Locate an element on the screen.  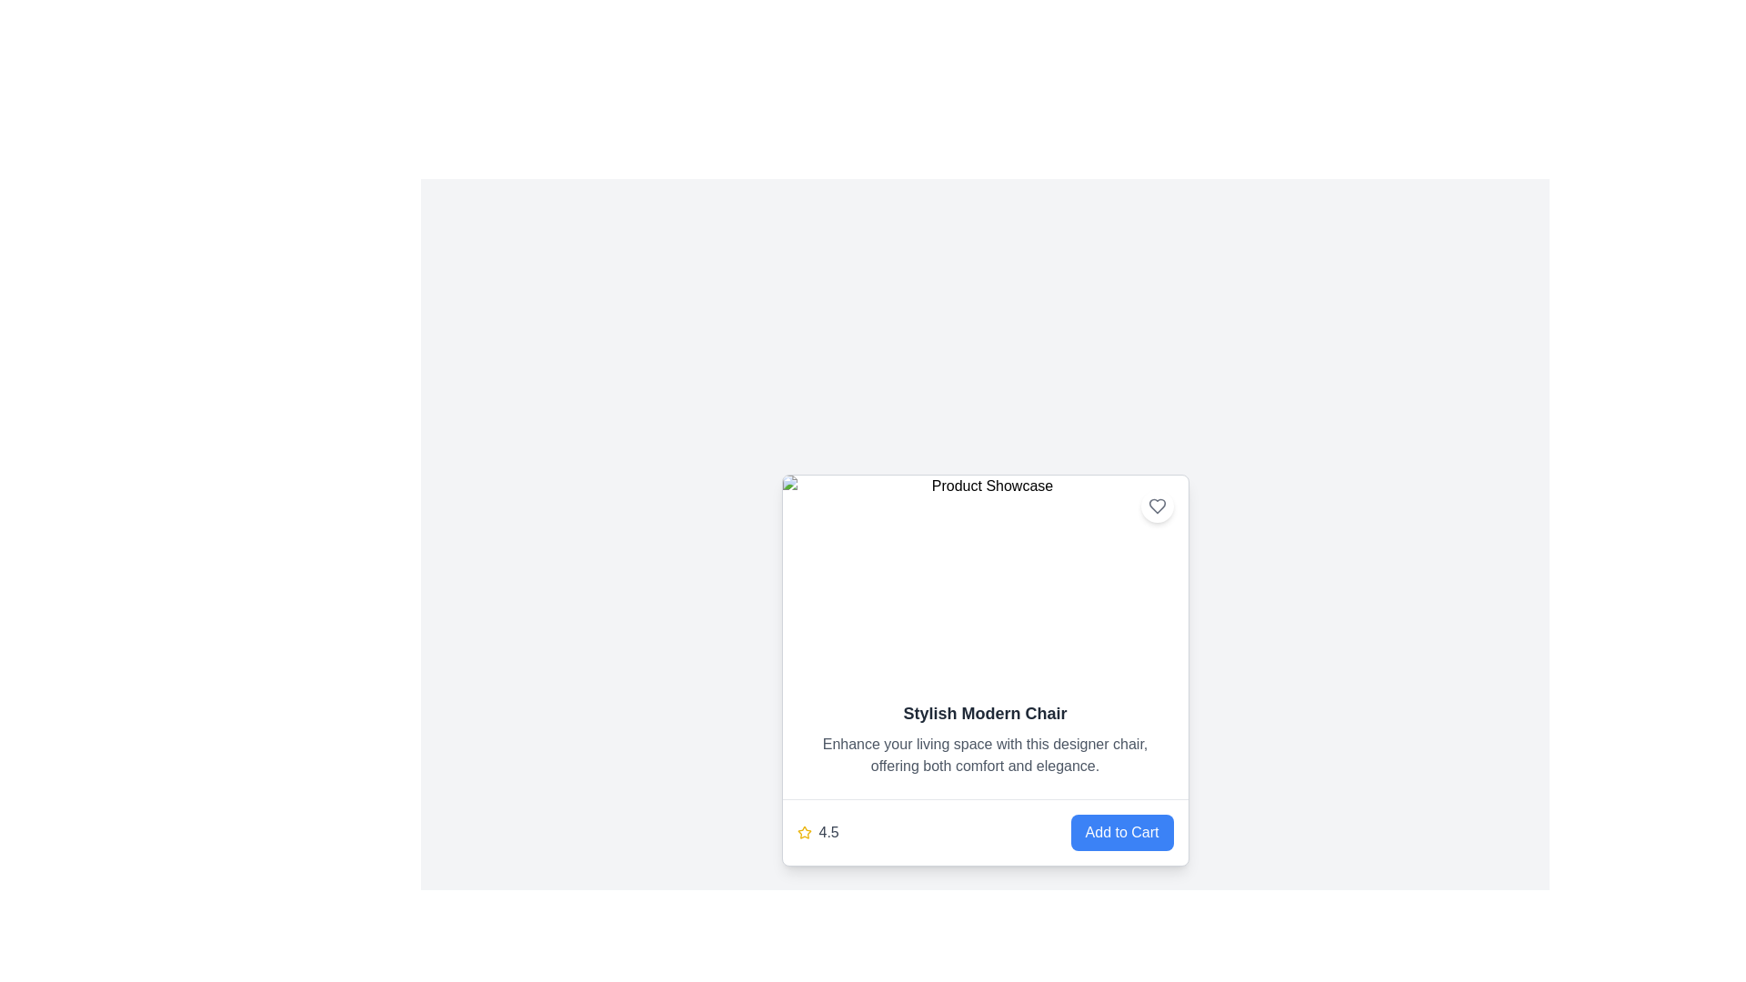
the heart-shaped icon located at the top-right corner of the product card is located at coordinates (1156, 506).